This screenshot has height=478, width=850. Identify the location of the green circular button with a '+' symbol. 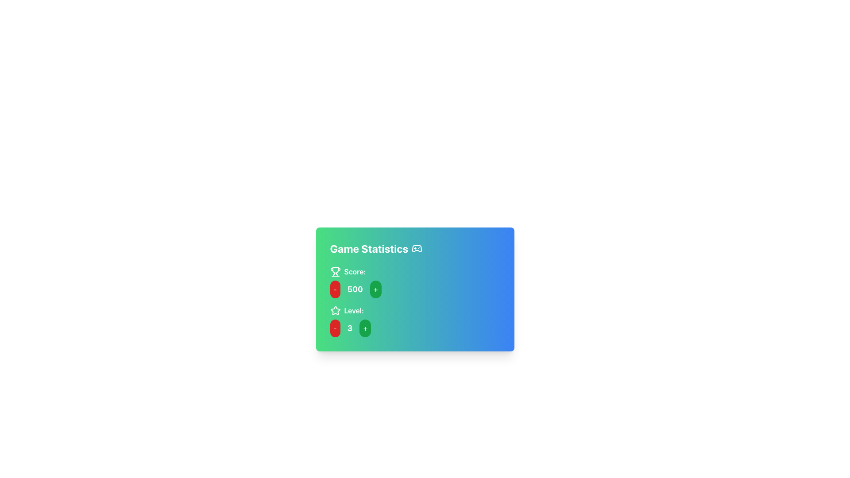
(375, 289).